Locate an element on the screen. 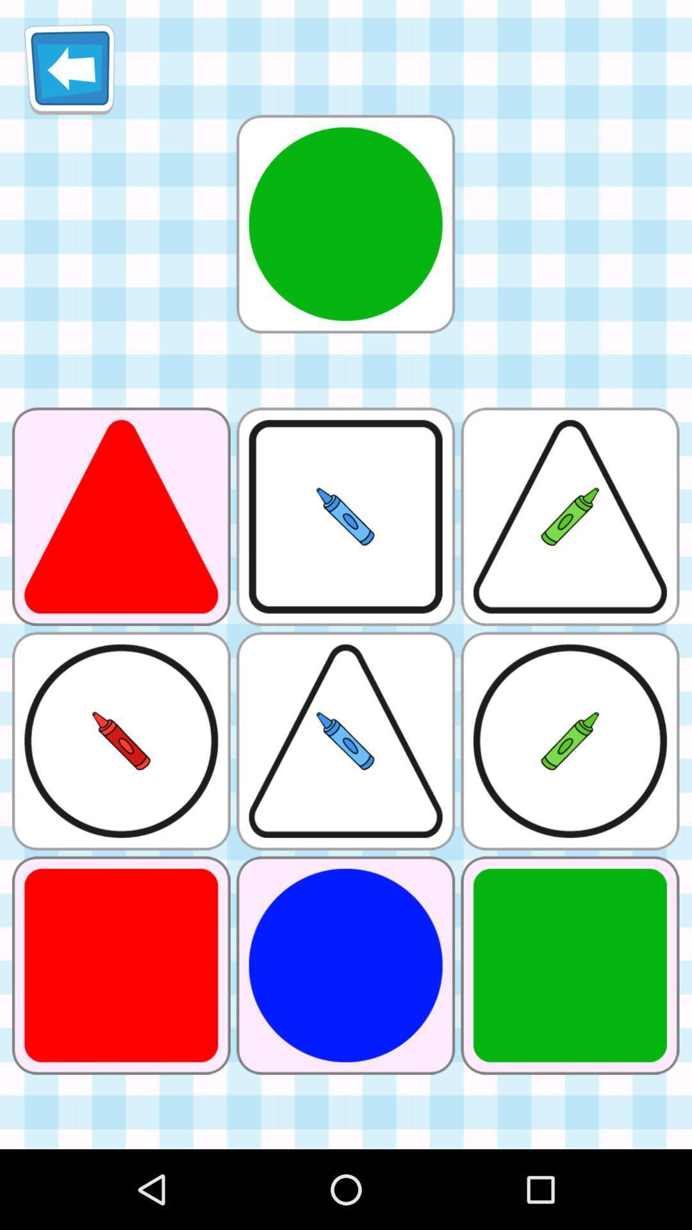 The width and height of the screenshot is (692, 1230). form is located at coordinates (345, 224).